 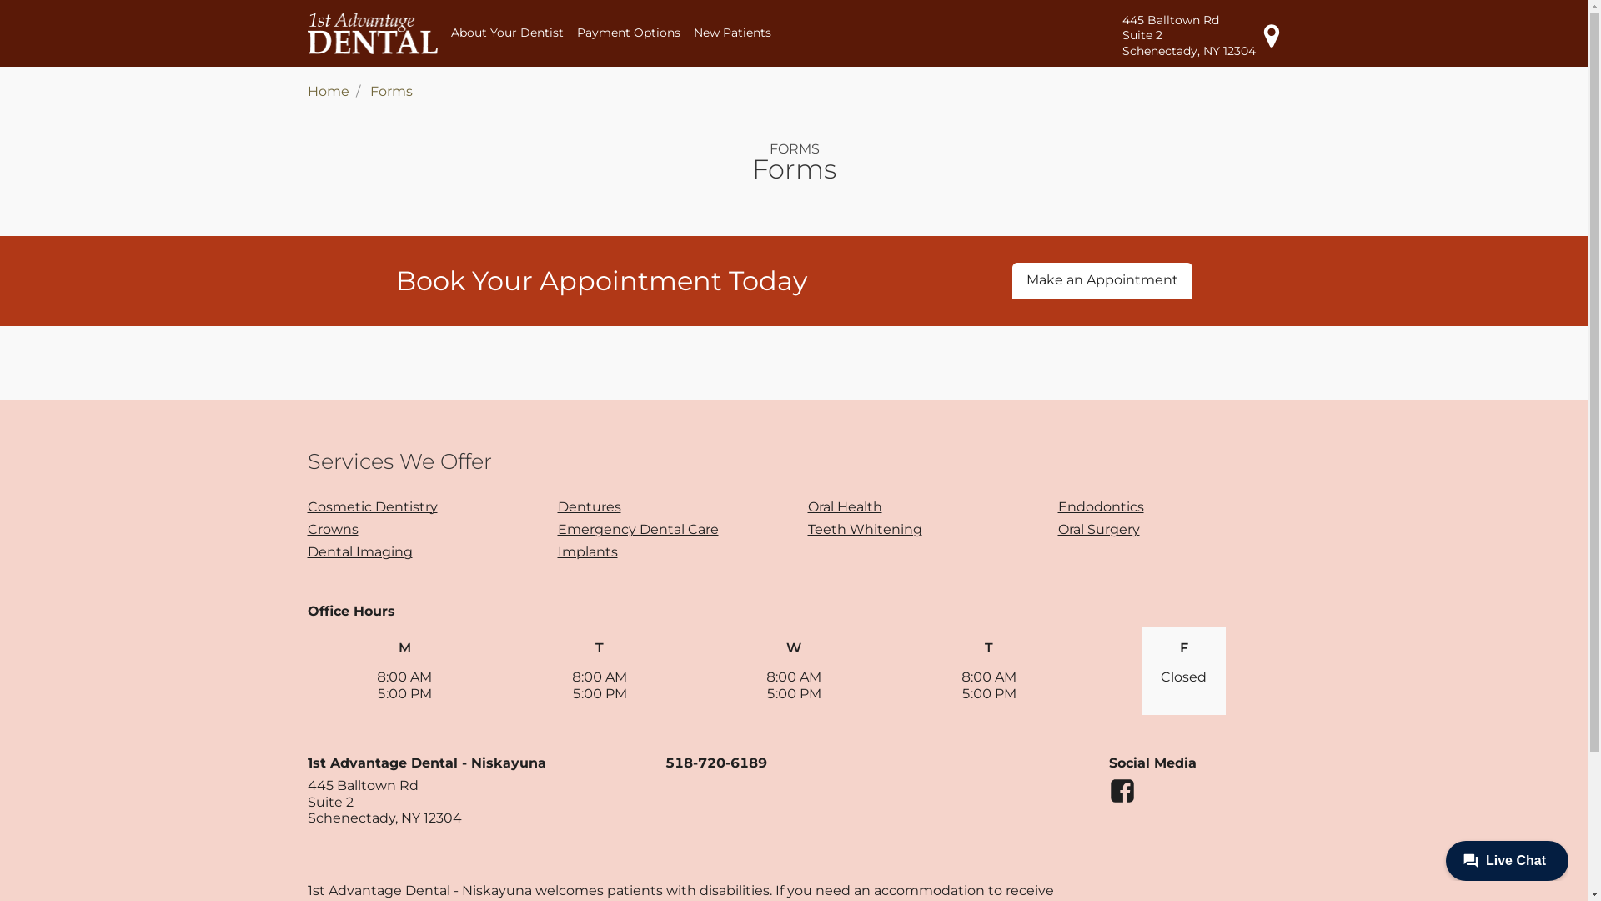 I want to click on 'Emergency Dental Care', so click(x=556, y=529).